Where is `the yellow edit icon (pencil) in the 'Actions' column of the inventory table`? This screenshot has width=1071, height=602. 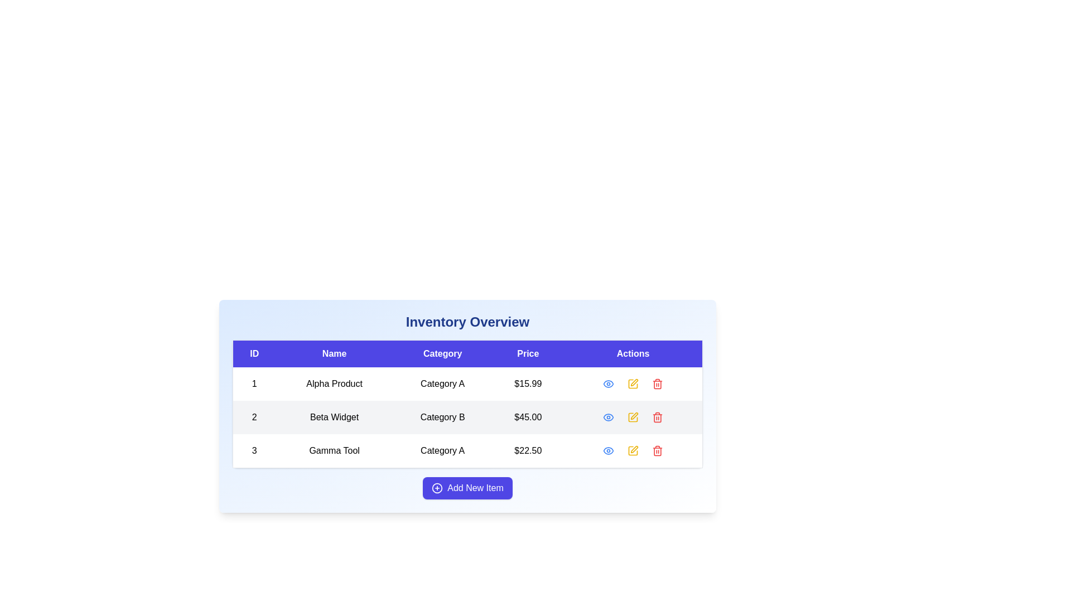
the yellow edit icon (pencil) in the 'Actions' column of the inventory table is located at coordinates (633, 417).